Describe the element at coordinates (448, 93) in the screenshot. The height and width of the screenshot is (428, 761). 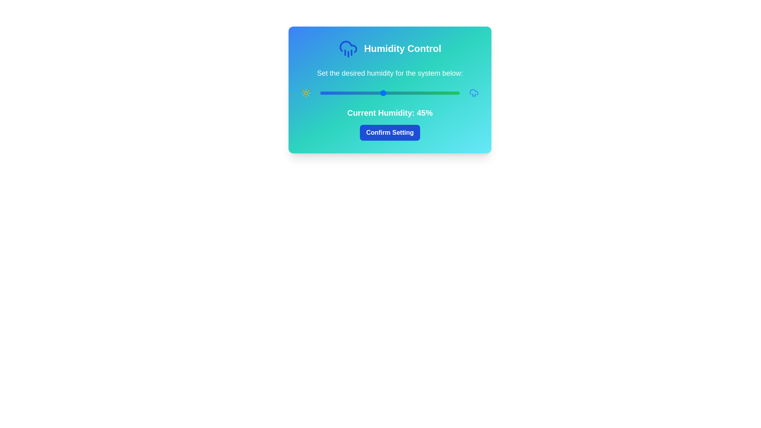
I see `the humidity slider to 92%` at that location.